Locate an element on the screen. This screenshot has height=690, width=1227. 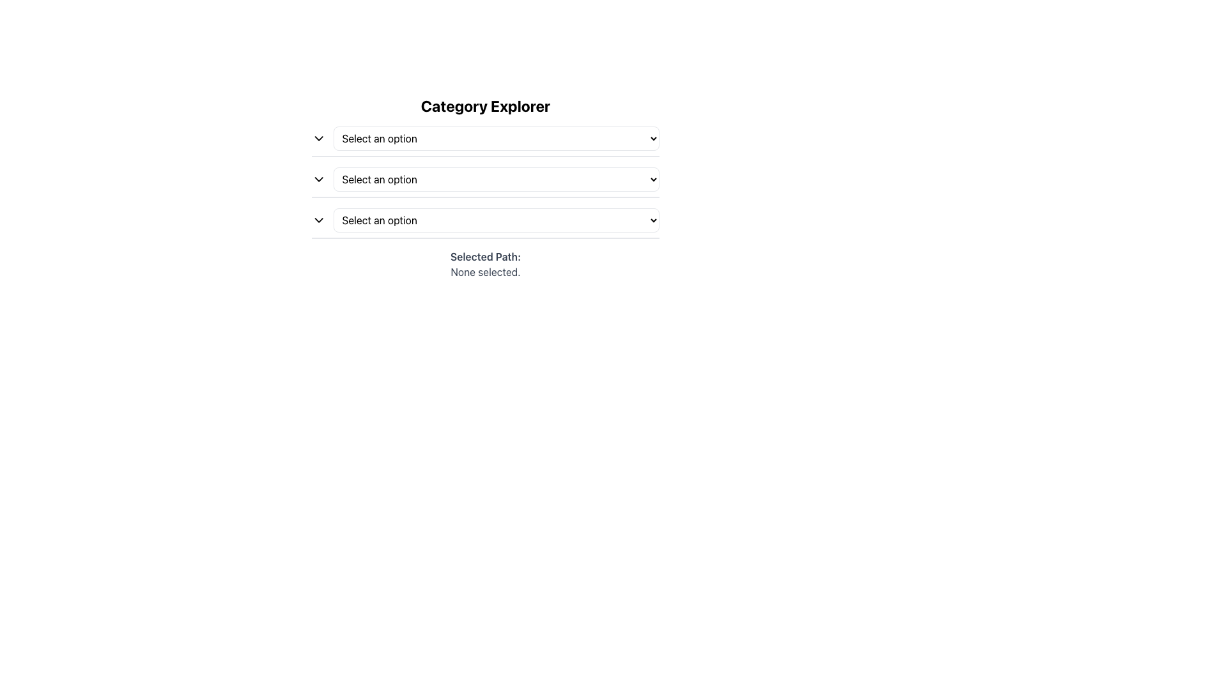
the icon located at the far-left side of the third dropdown section is located at coordinates (319, 219).